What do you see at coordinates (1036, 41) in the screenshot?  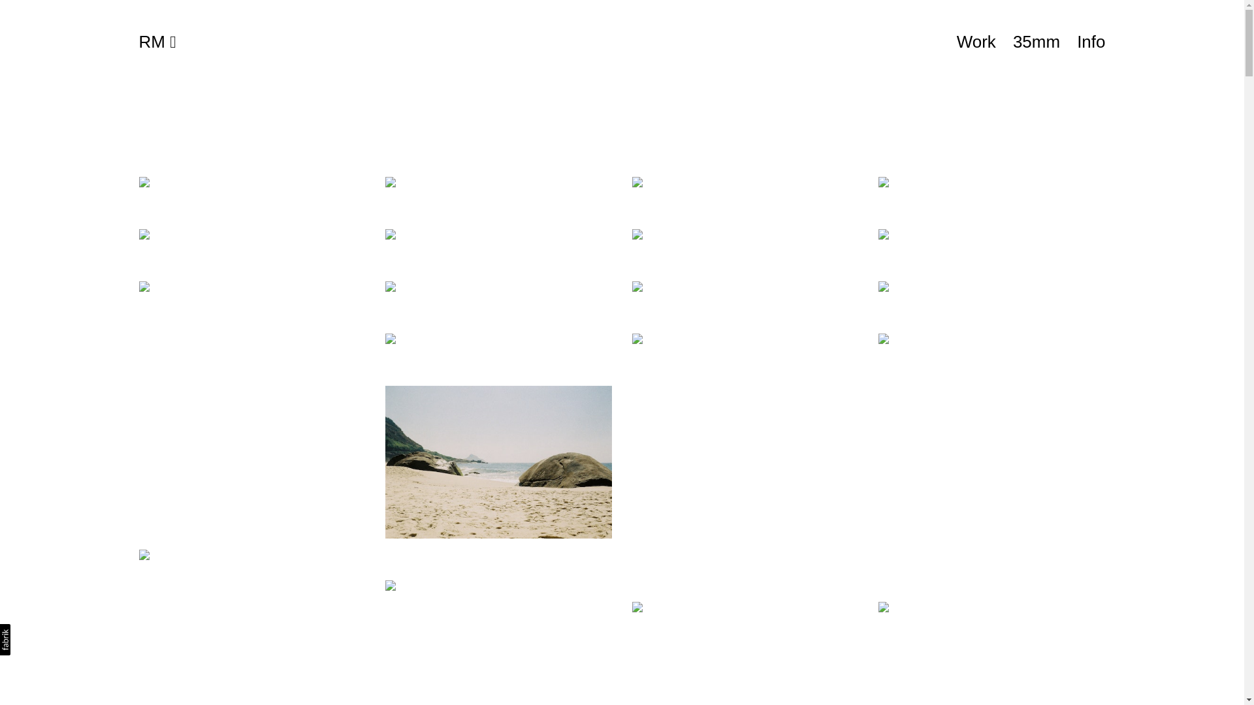 I see `'35mm'` at bounding box center [1036, 41].